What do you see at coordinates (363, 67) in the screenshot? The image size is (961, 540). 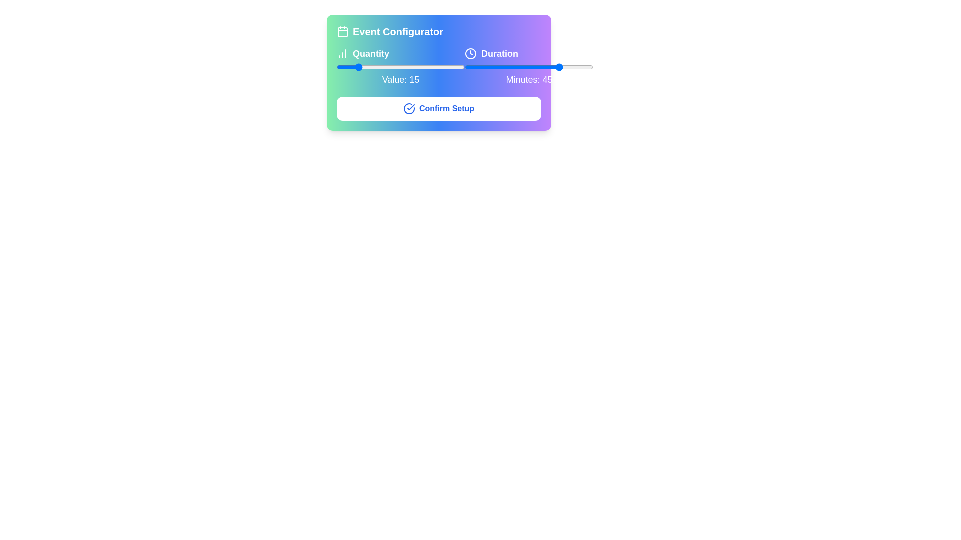 I see `the quantity slider` at bounding box center [363, 67].